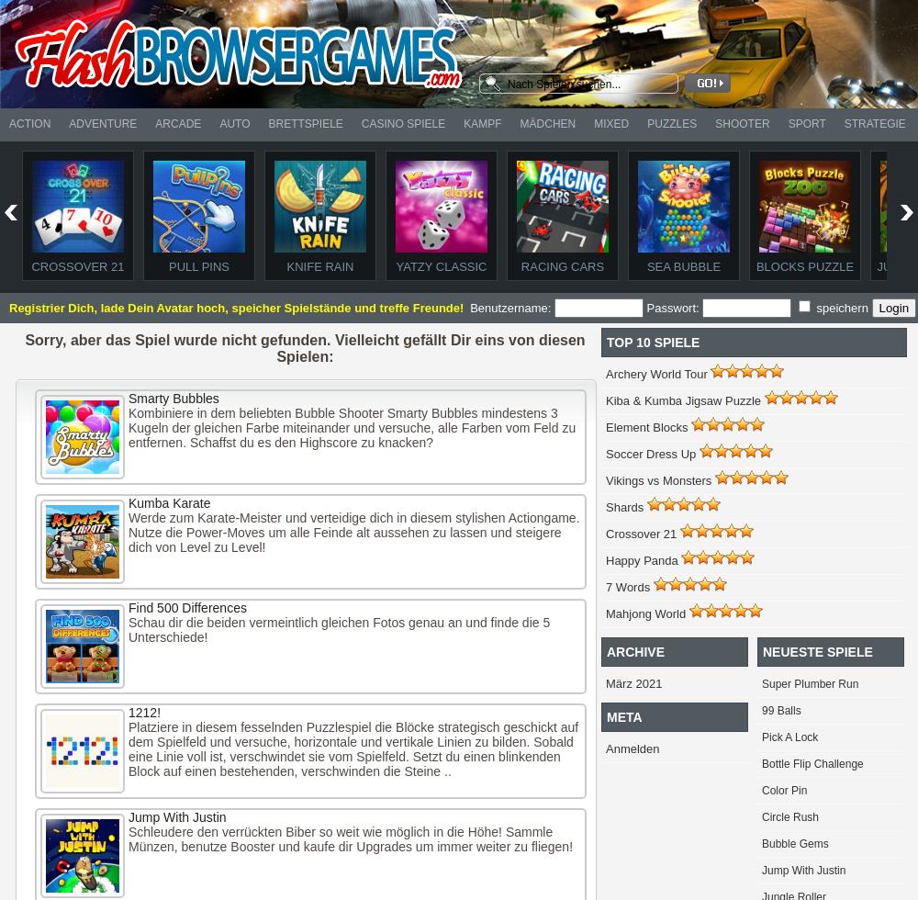  I want to click on 'Werde zum Karate-Meister und verteidige dich in diesem stylishen Actiongame. Nutze die Power-Moves um alle Feinde alt aussehen zu lassen und steigere dich von Level zu Level!', so click(353, 532).